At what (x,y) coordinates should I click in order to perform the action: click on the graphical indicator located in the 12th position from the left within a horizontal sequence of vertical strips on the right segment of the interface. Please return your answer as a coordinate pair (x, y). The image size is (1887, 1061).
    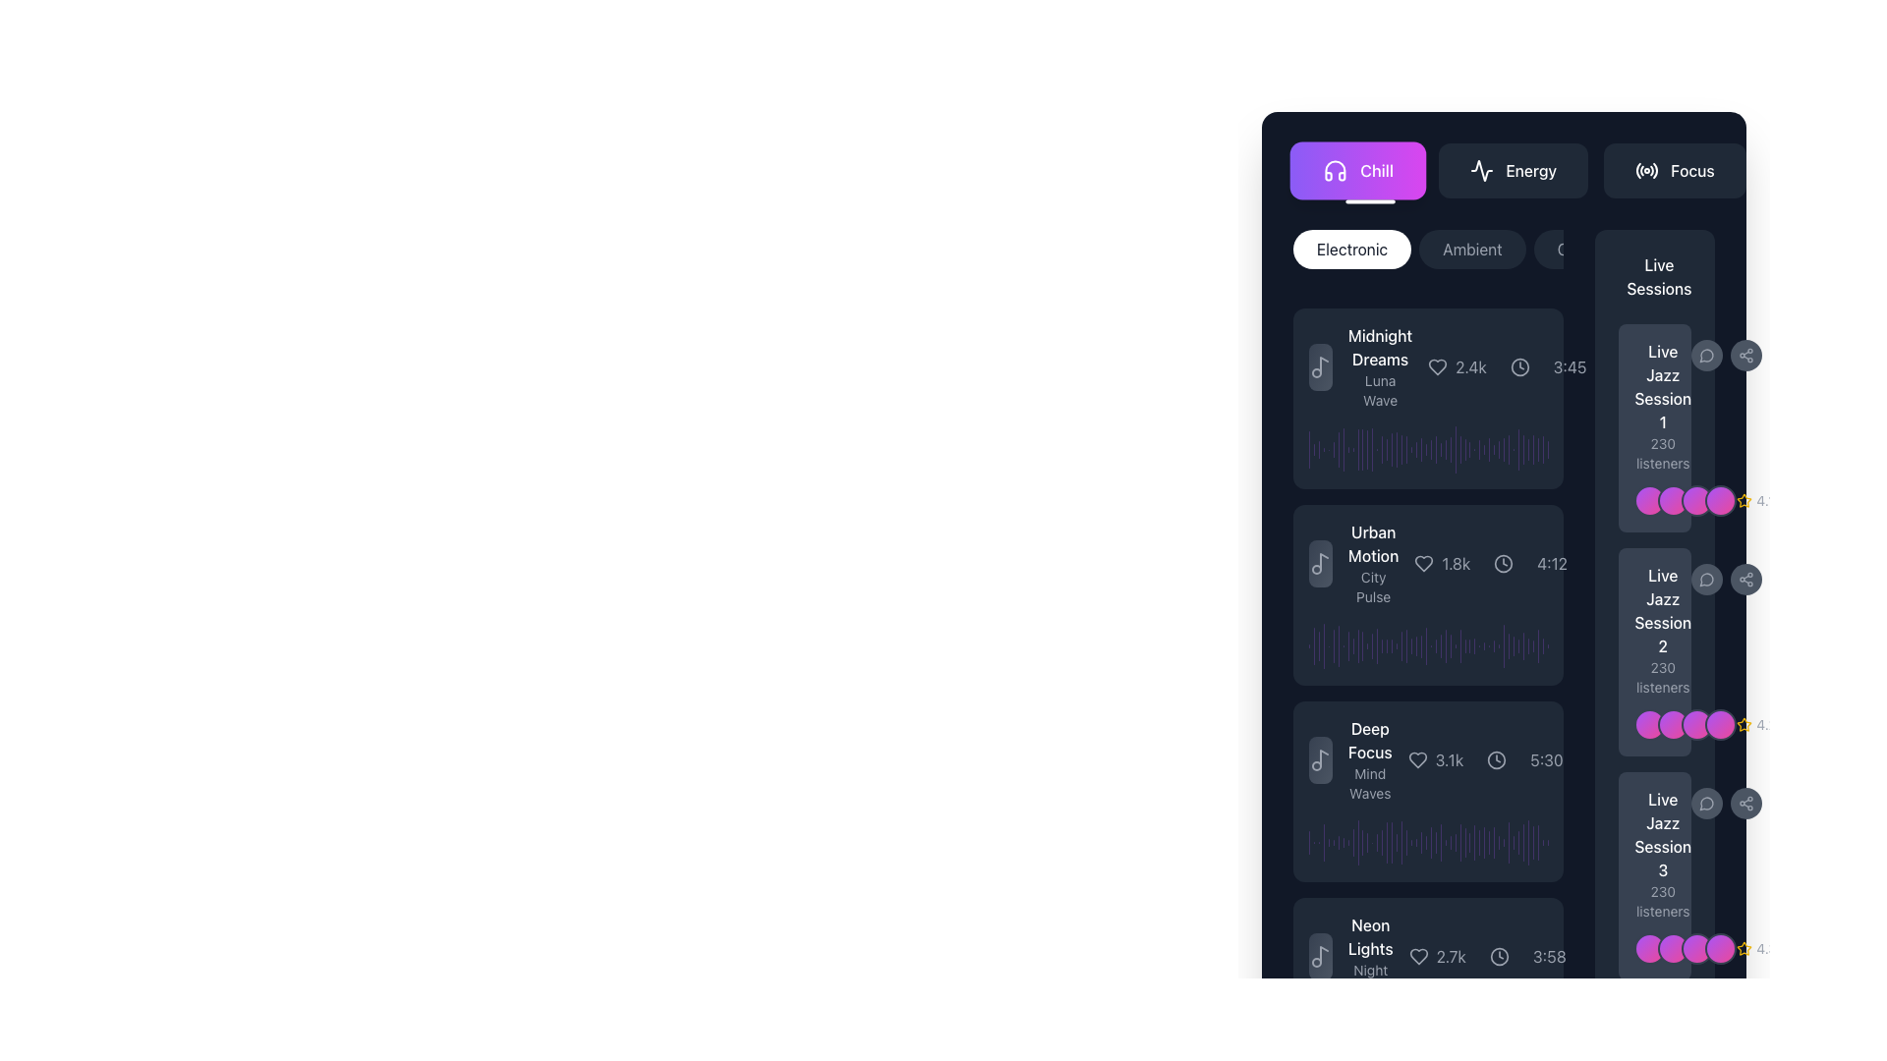
    Looking at the image, I should click on (1362, 841).